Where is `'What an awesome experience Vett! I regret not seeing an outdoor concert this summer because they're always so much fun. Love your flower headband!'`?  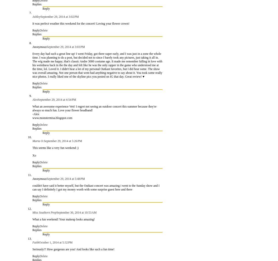
'What an awesome experience Vett! I regret not seeing an outdoor concert this summer because they're always so much fun. Love your flower headband!' is located at coordinates (32, 108).